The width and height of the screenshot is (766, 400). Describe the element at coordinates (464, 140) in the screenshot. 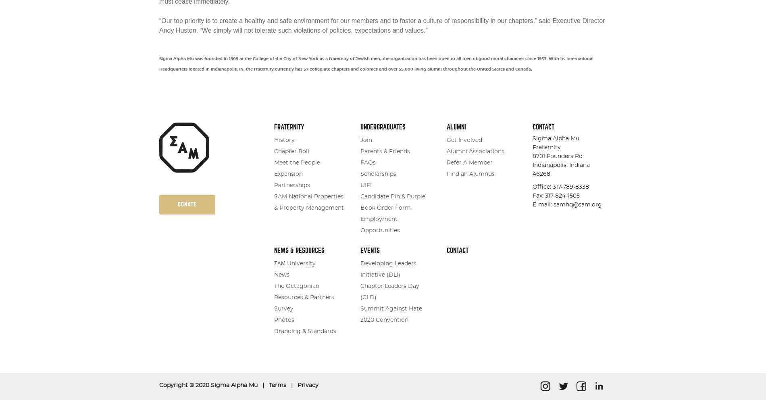

I see `'Get Involved'` at that location.